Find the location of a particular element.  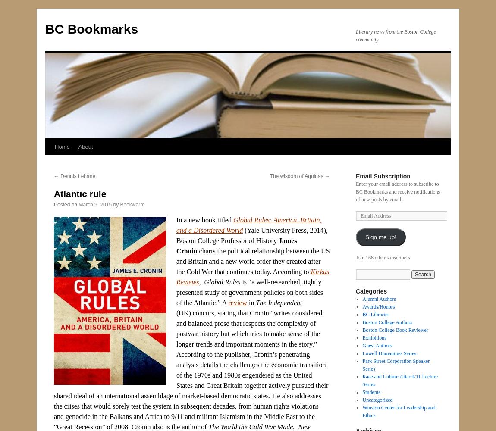

'concurs, stating that Cronin “writes considered and balanced prose that respects the complexity of postwar history but which tries to make sense of the longer trends and important moments in the story.” According to the publisher, Cronin’s penetrating analysis details the challenges the economic transition of the 1970s and 1980s engendered as the United States and Great Britain together actively pursued their shared ideal of an international assemblage of market-based democratic states. He also addresses the crises that would sorely test the system in subsequent decades, from human rights violations and genocide in the Balkans and Africa to 9/11 and militant Islamism in the Middle East to the “Great Recession” of 2008. Cronin also is the author of' is located at coordinates (191, 369).